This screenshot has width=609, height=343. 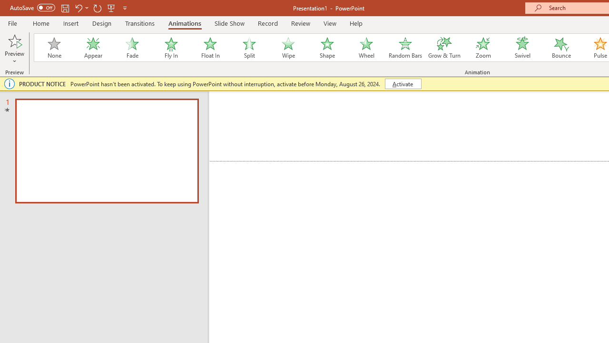 What do you see at coordinates (403, 83) in the screenshot?
I see `'Activate'` at bounding box center [403, 83].